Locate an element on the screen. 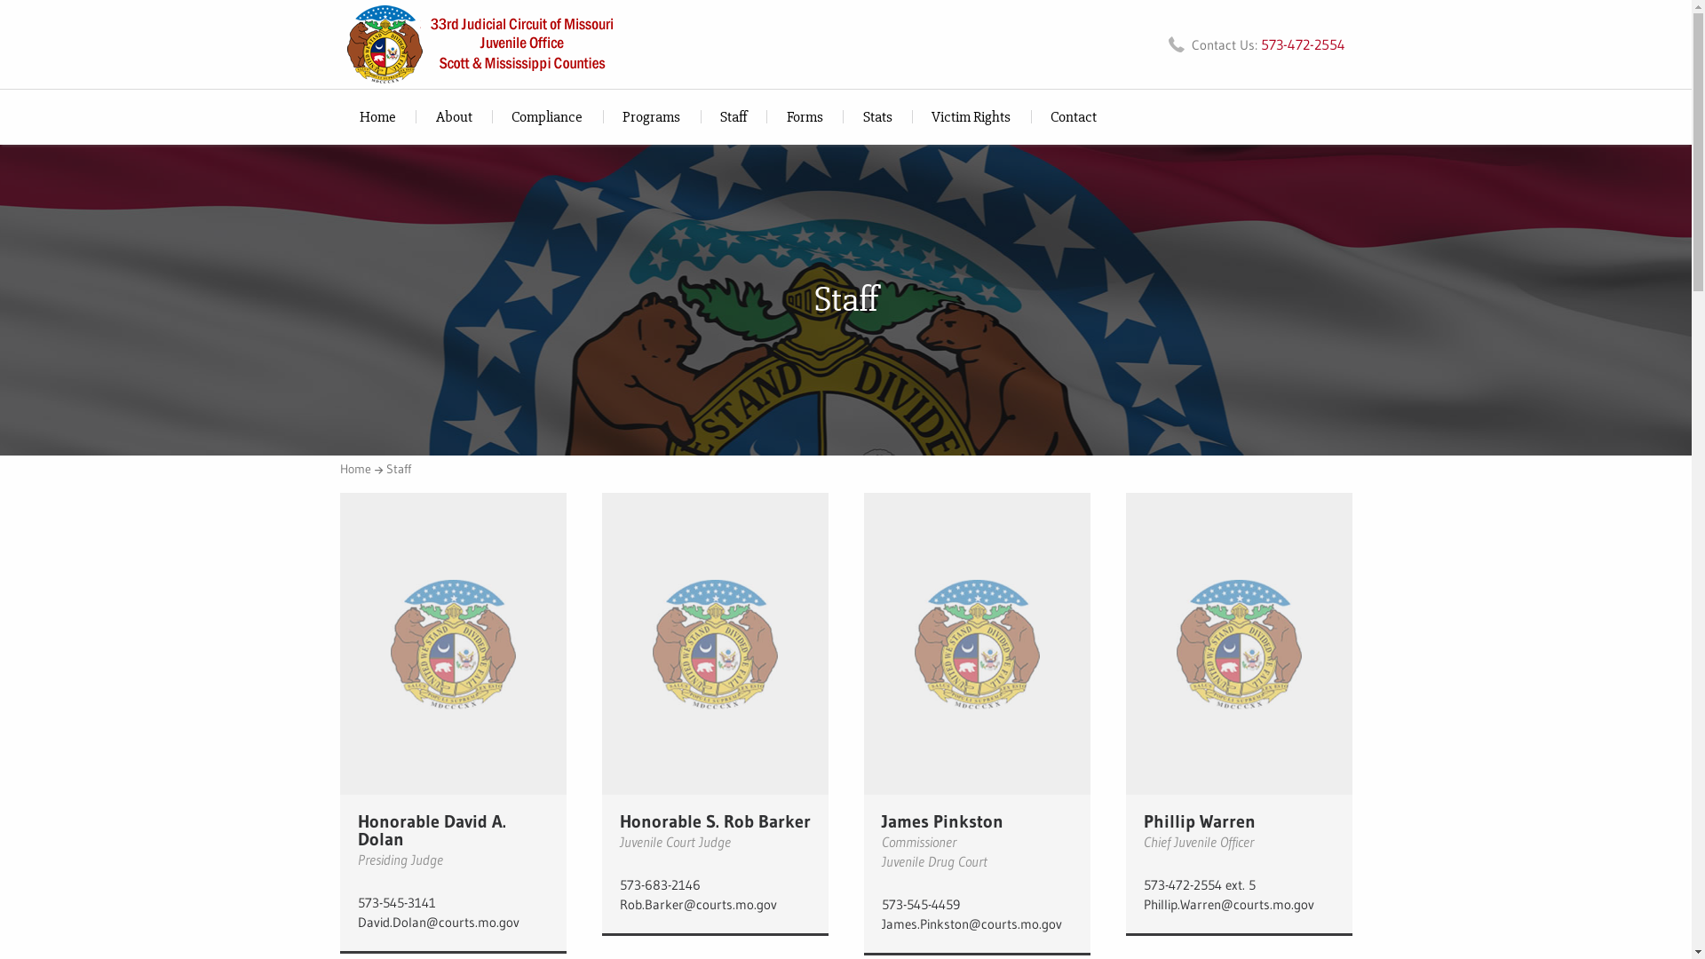 This screenshot has height=959, width=1705. 'About' is located at coordinates (453, 116).